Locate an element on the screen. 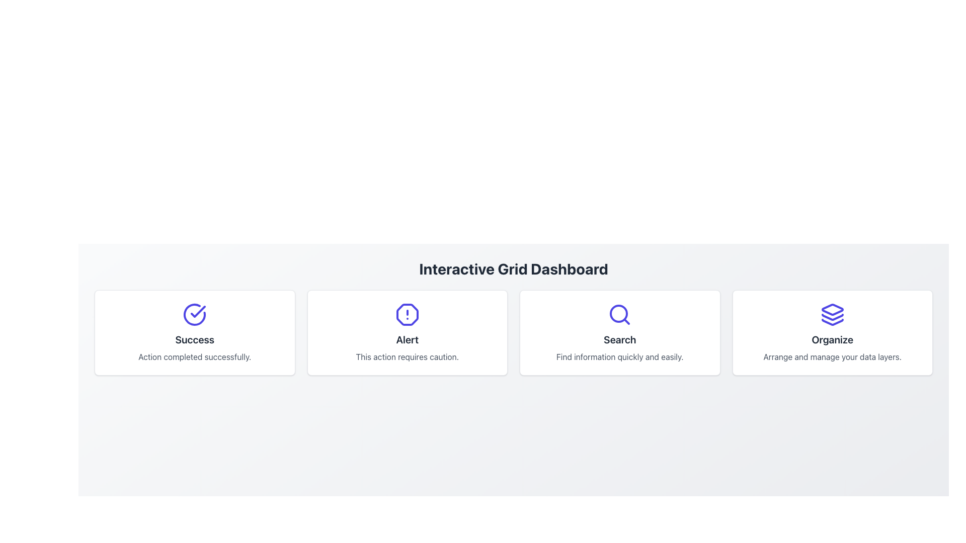 This screenshot has height=543, width=966. the label that displays the text 'Action completed successfully.' which is styled in gray and positioned below the 'Success' header within a card layout is located at coordinates (195, 356).